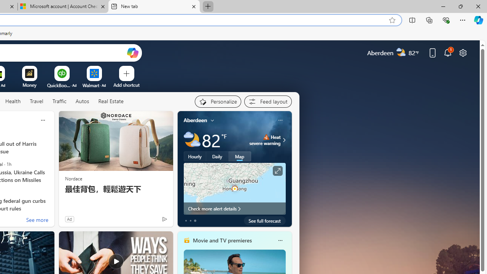 The width and height of the screenshot is (487, 274). I want to click on 'Microsoft account | Account Checkup', so click(63, 6).